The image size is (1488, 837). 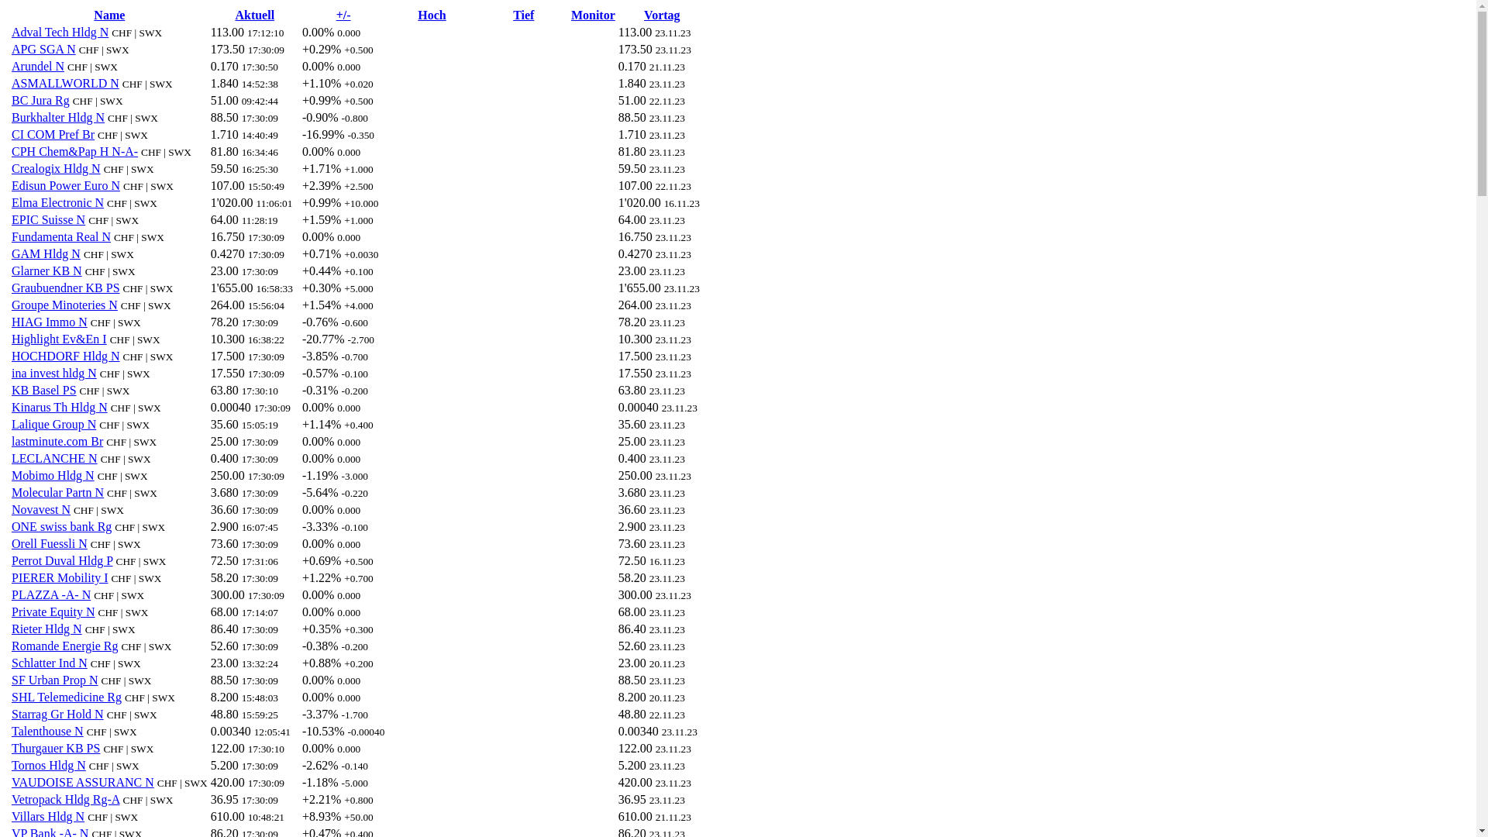 What do you see at coordinates (11, 441) in the screenshot?
I see `'lastminute.com Br'` at bounding box center [11, 441].